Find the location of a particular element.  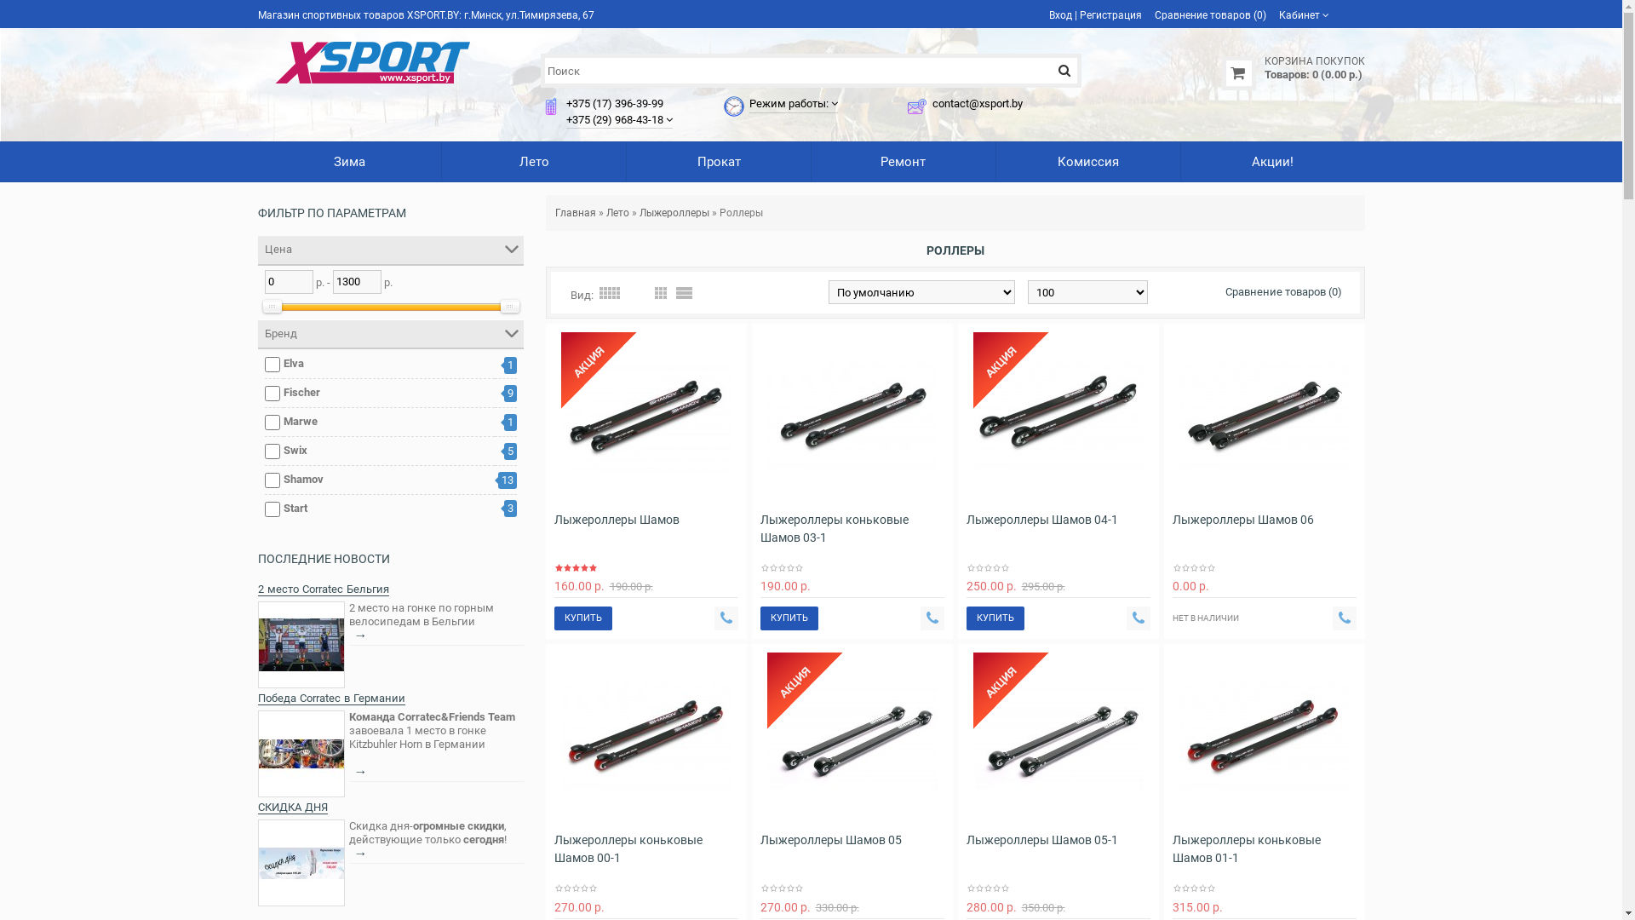

'contact@xsport.by' is located at coordinates (931, 103).